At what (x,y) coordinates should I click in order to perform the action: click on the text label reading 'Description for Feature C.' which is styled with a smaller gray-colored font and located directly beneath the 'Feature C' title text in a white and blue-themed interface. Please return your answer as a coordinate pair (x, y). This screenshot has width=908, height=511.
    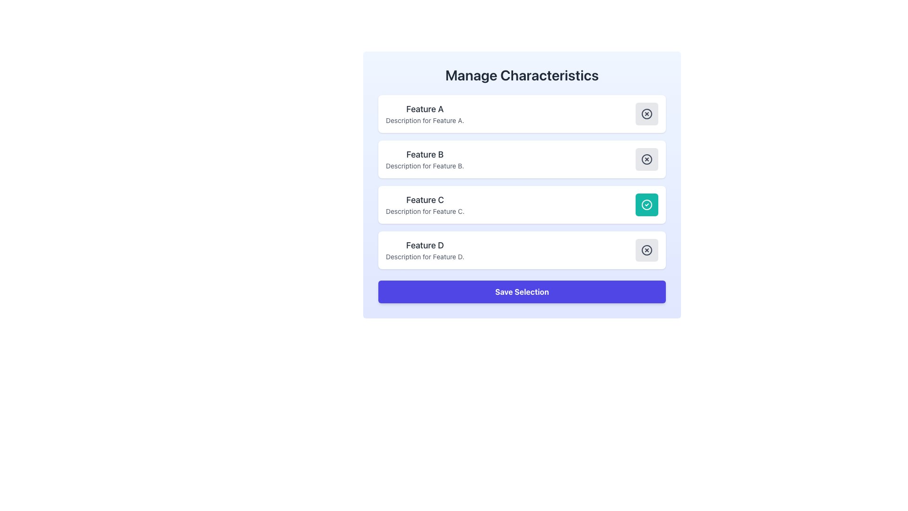
    Looking at the image, I should click on (425, 211).